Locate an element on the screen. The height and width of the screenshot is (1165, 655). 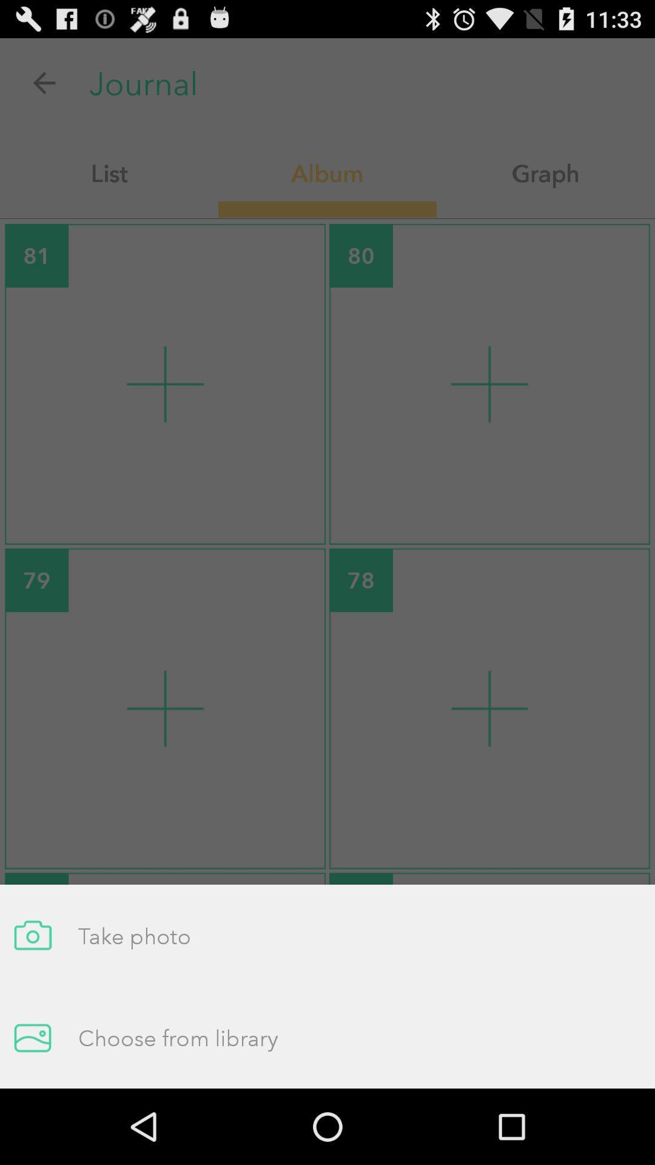
the item at the center is located at coordinates (327, 562).